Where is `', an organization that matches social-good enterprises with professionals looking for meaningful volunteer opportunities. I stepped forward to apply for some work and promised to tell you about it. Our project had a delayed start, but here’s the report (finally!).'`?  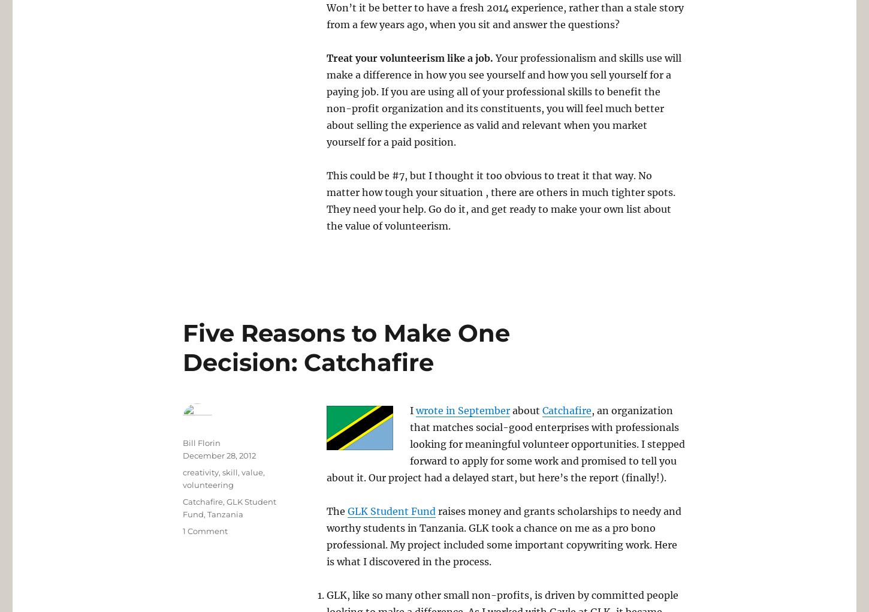
', an organization that matches social-good enterprises with professionals looking for meaningful volunteer opportunities. I stepped forward to apply for some work and promised to tell you about it. Our project had a delayed start, but here’s the report (finally!).' is located at coordinates (506, 444).